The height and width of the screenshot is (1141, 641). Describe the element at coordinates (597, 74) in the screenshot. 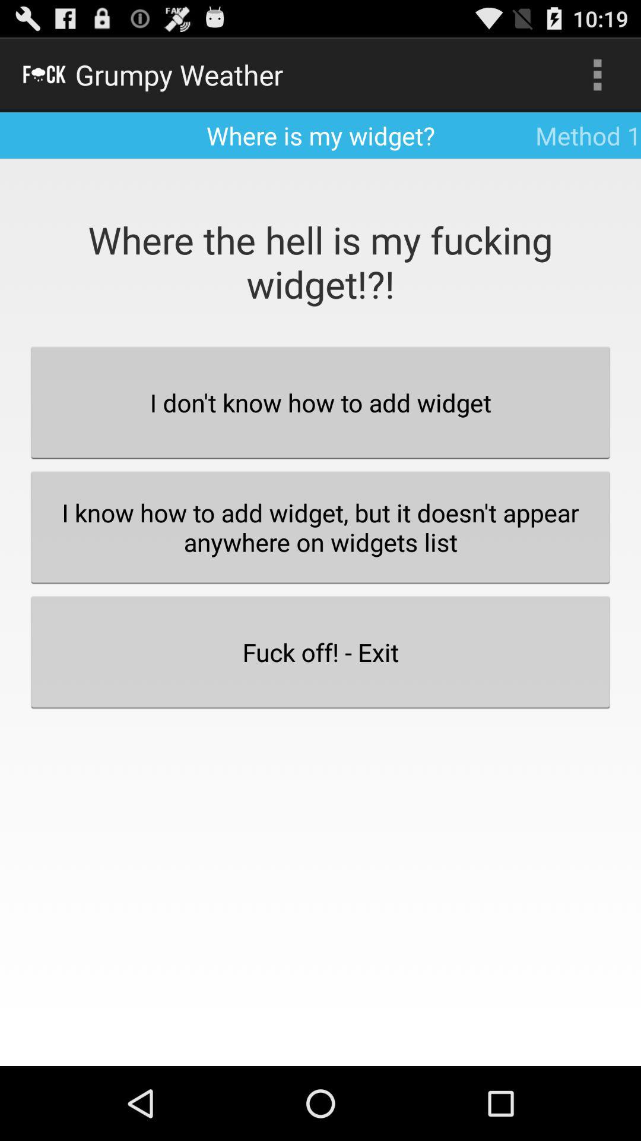

I see `item next to the where is my` at that location.